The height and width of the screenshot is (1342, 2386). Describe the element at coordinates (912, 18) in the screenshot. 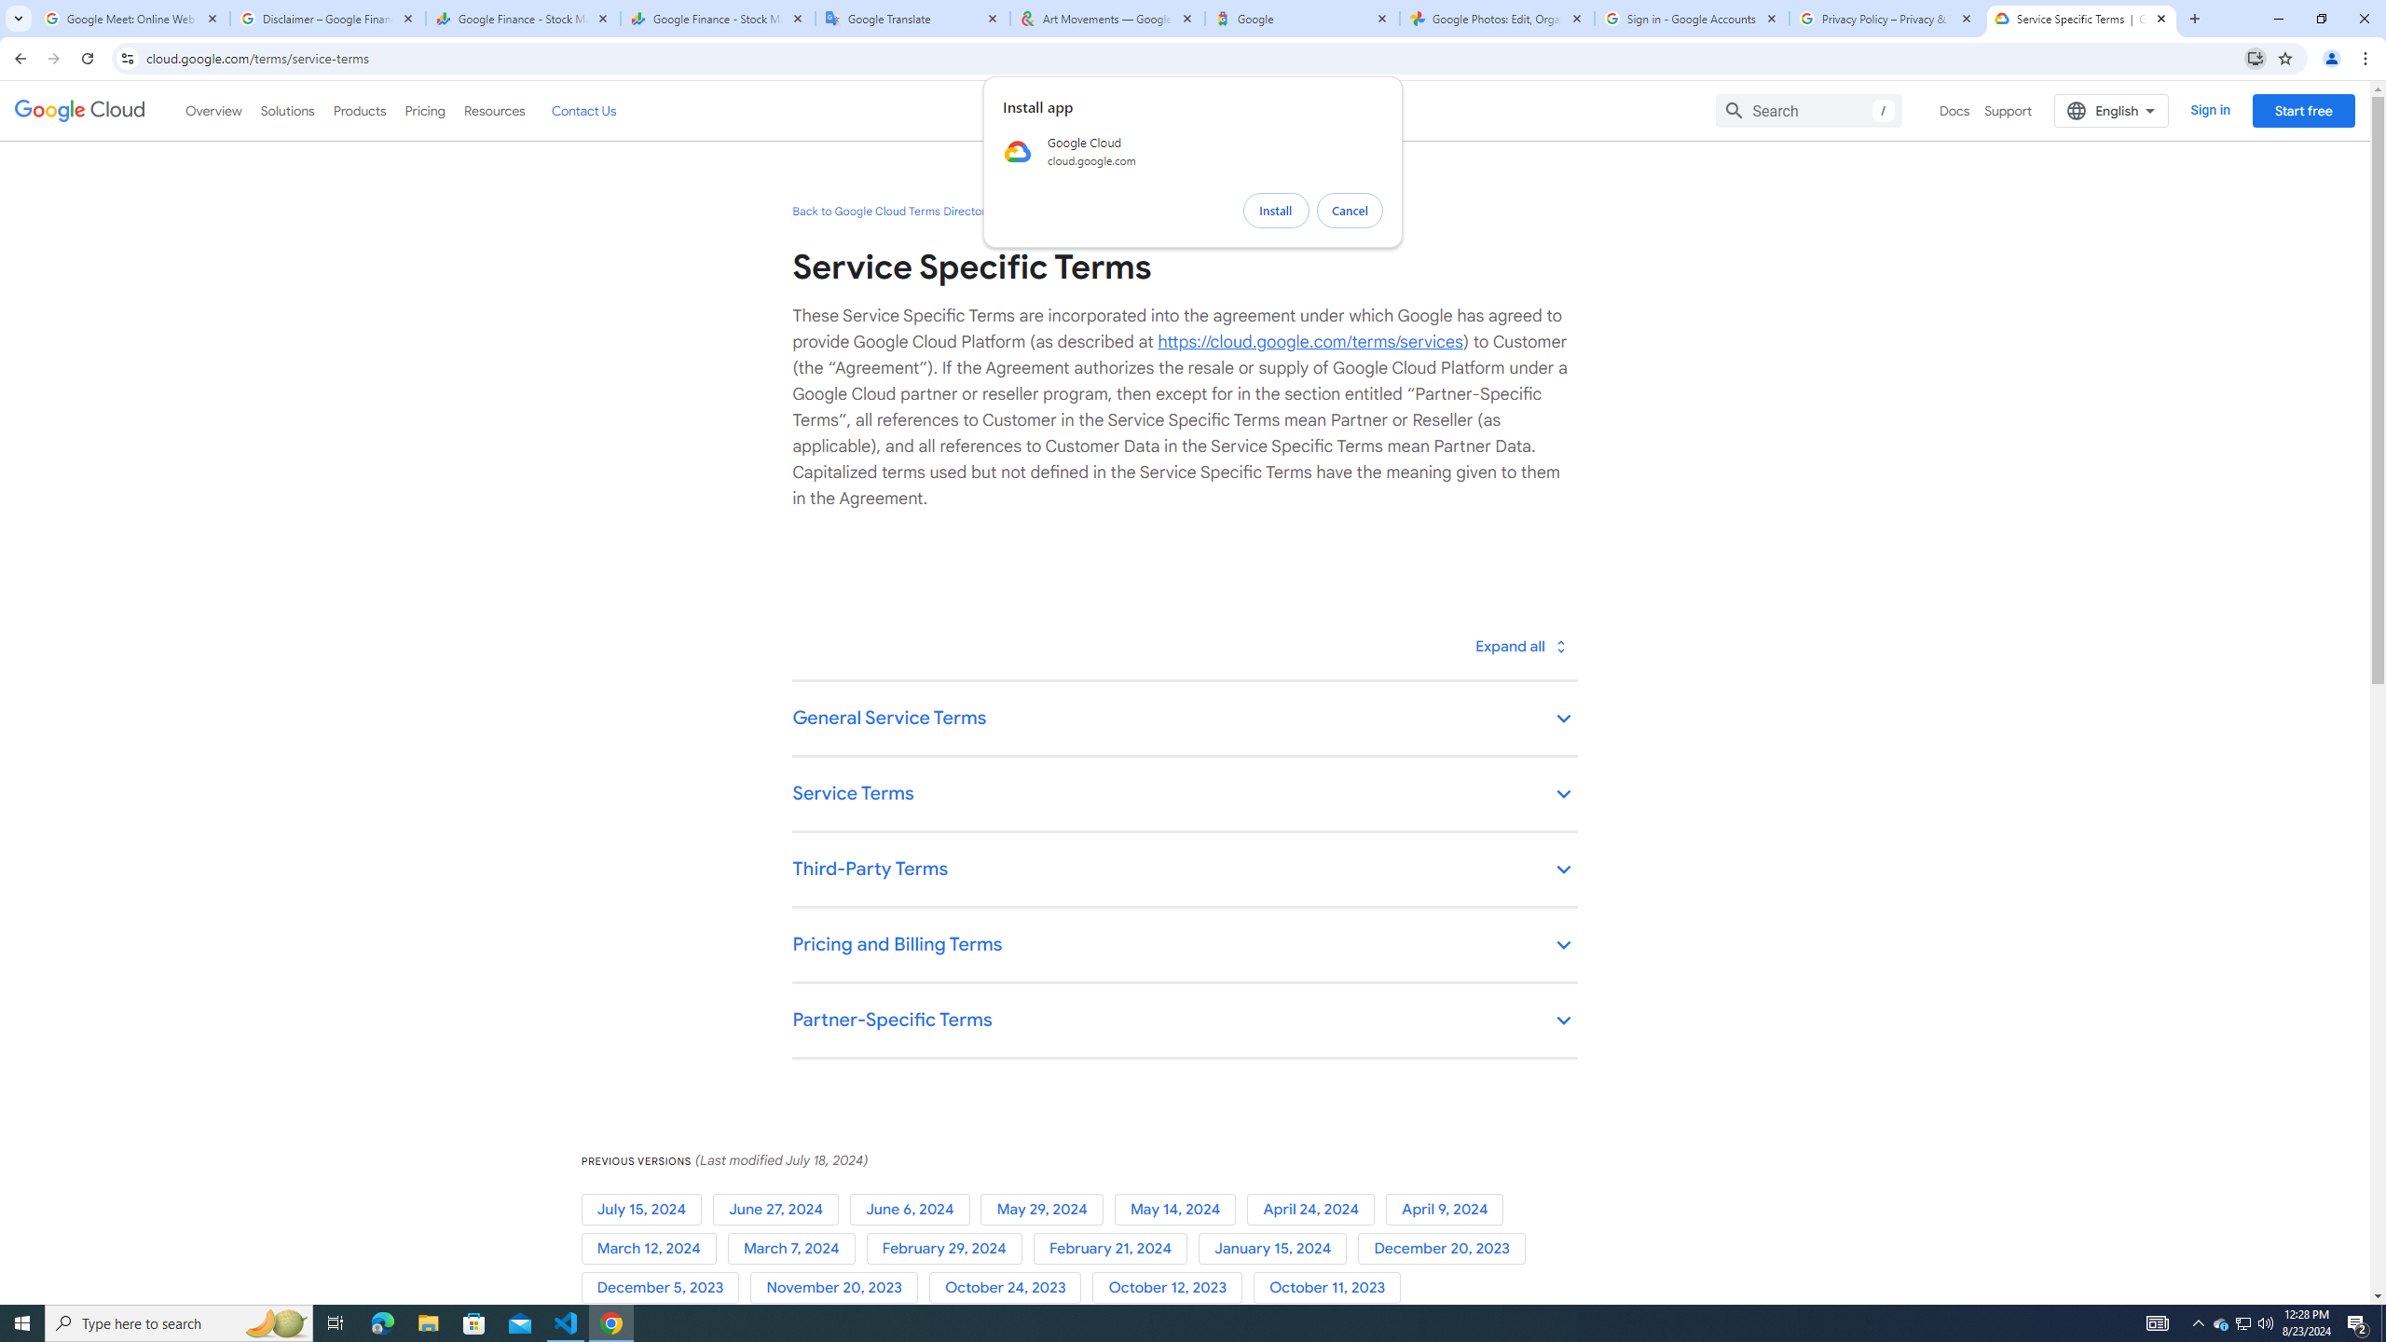

I see `'Google Translate'` at that location.